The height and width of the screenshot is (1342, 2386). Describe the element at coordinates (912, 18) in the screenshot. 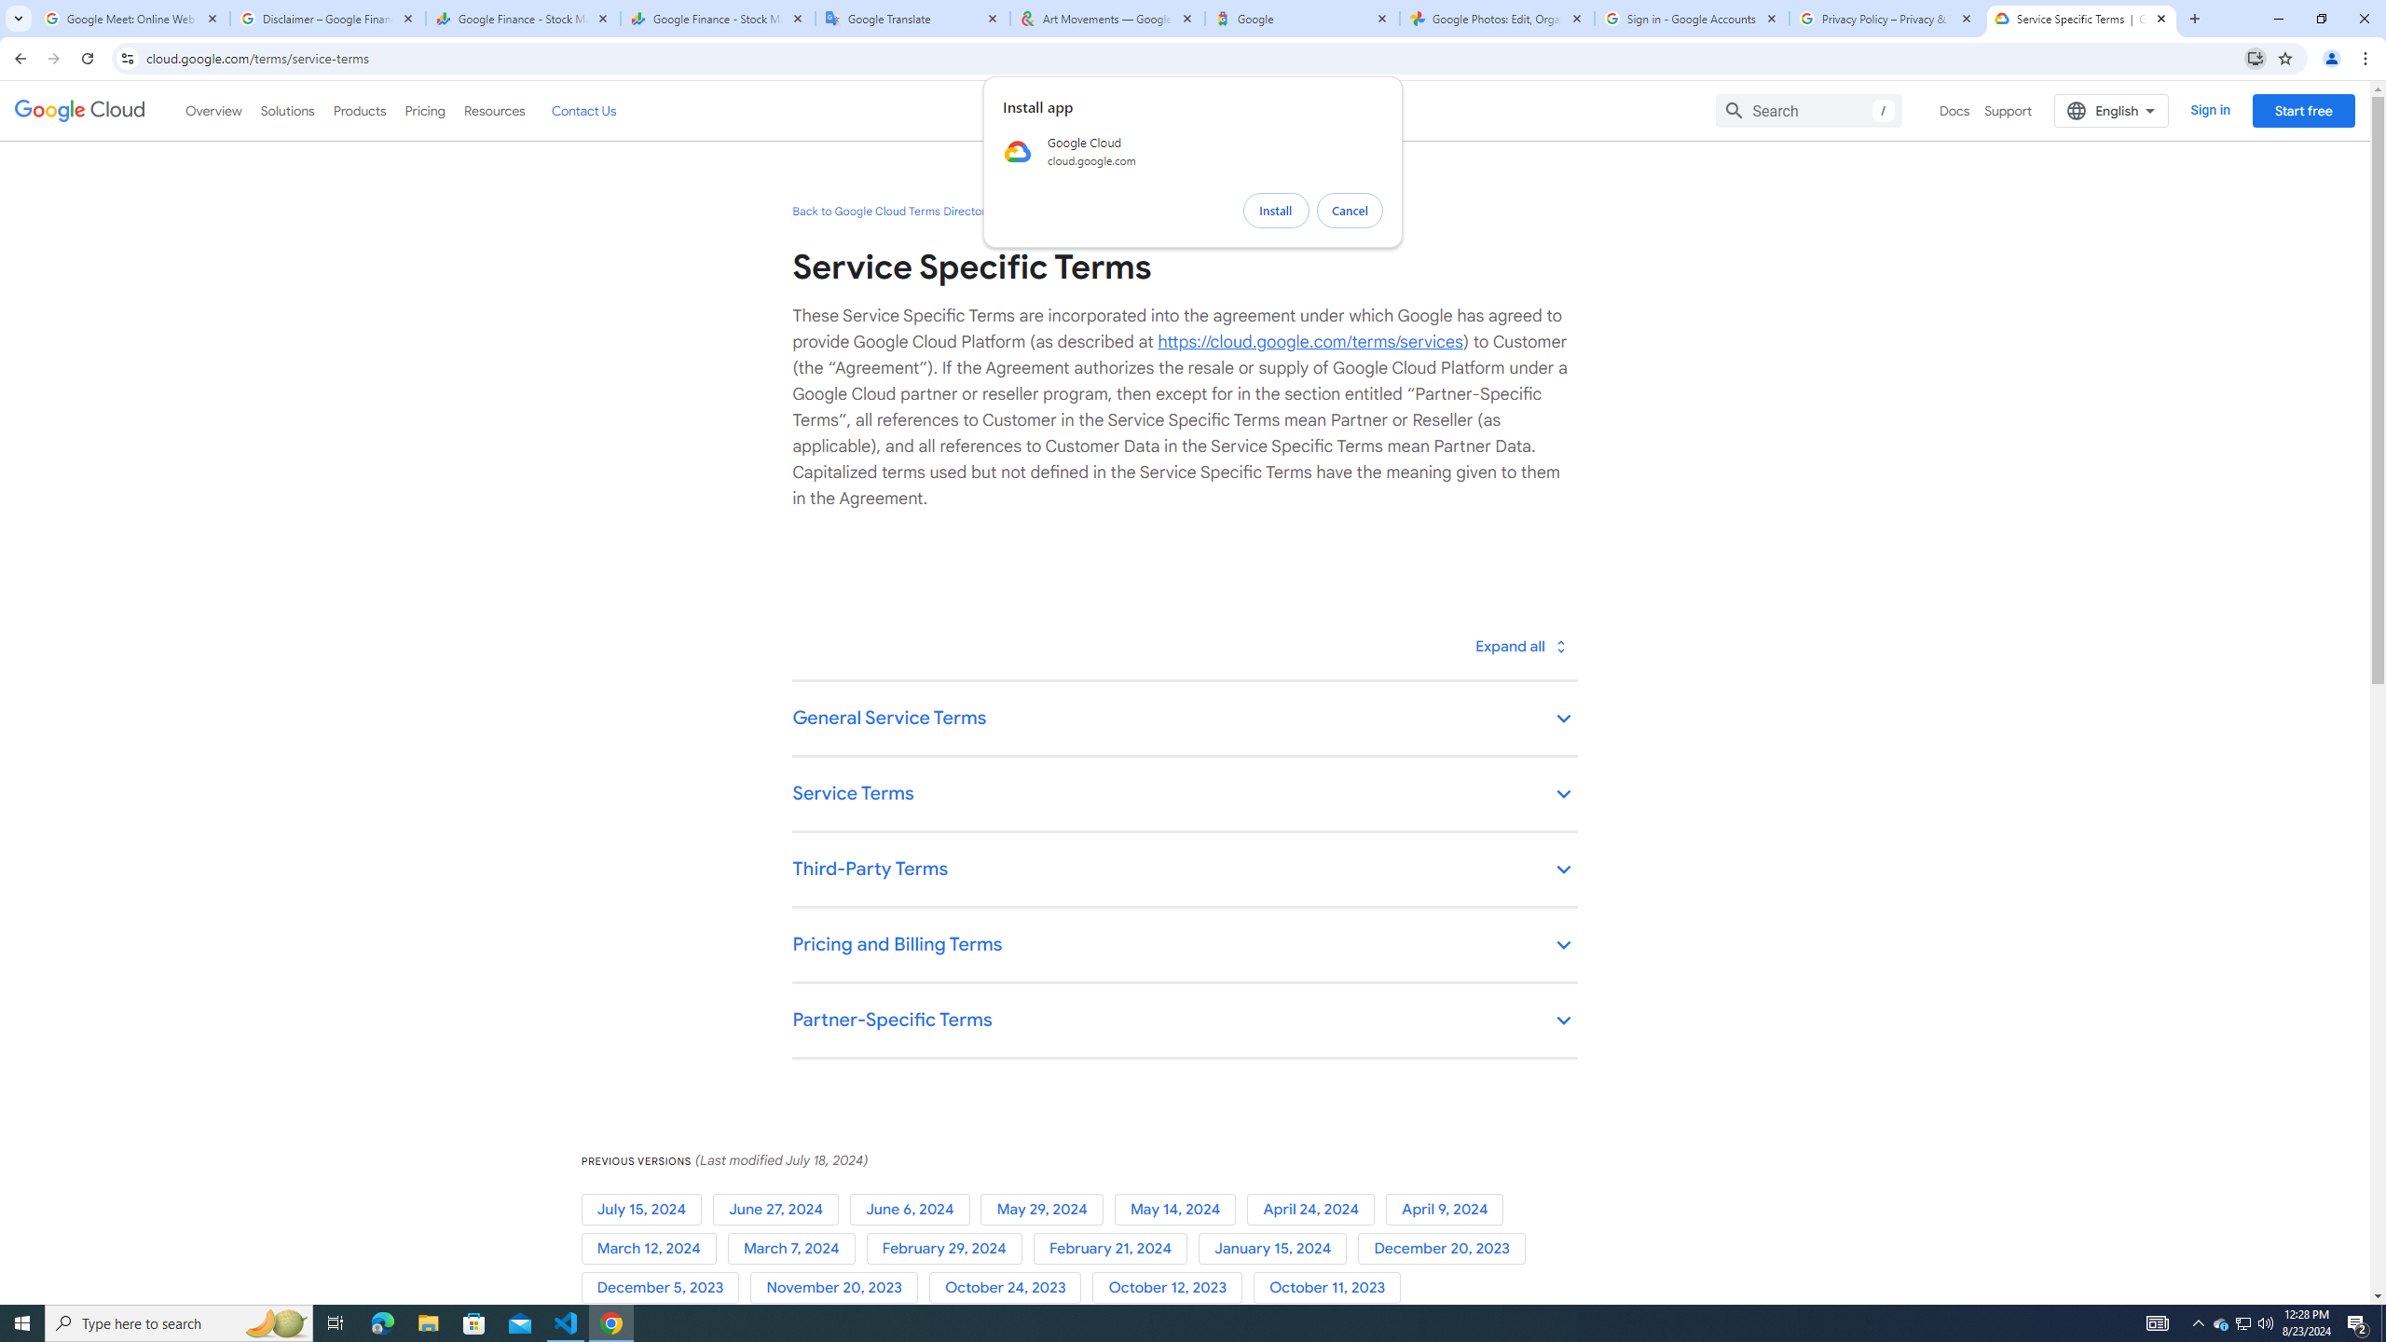

I see `'Google Translate'` at that location.